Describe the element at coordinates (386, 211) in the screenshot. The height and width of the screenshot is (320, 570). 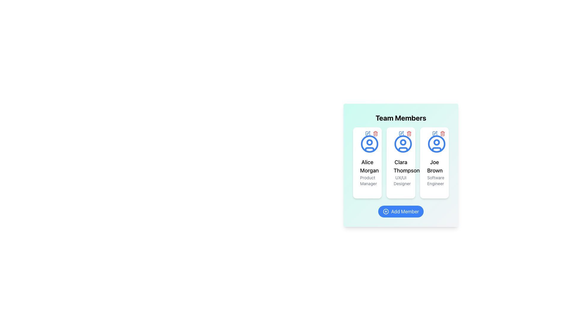
I see `the circular '+' icon with a blue outline located inside the 'Add Member' button` at that location.